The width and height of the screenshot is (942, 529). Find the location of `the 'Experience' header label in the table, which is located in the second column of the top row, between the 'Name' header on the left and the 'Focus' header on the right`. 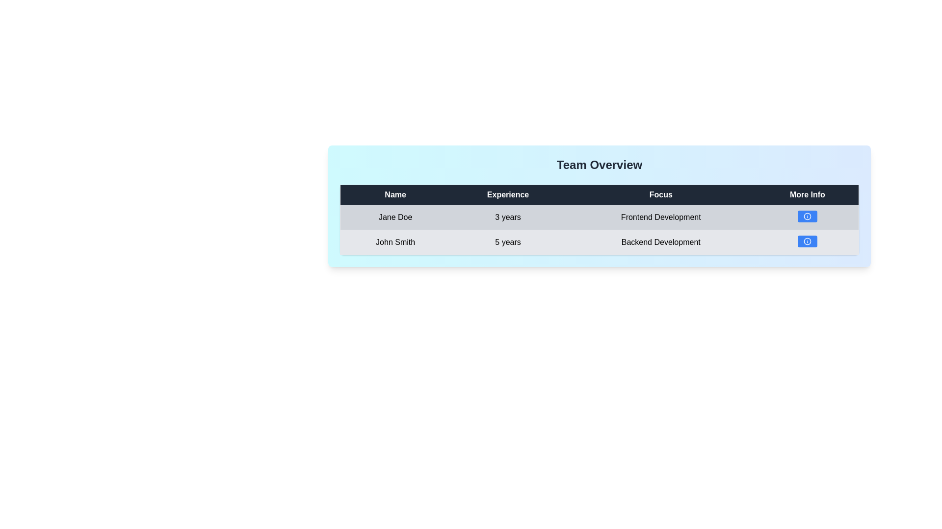

the 'Experience' header label in the table, which is located in the second column of the top row, between the 'Name' header on the left and the 'Focus' header on the right is located at coordinates (508, 194).